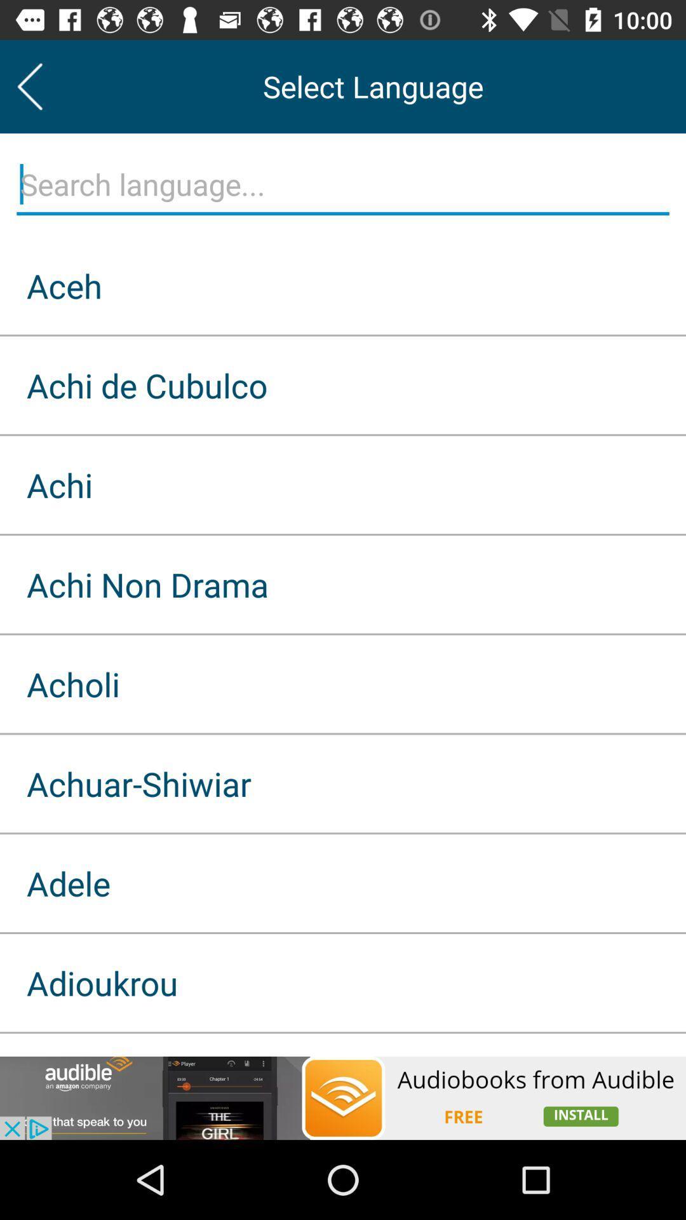  Describe the element at coordinates (343, 184) in the screenshot. I see `search language` at that location.